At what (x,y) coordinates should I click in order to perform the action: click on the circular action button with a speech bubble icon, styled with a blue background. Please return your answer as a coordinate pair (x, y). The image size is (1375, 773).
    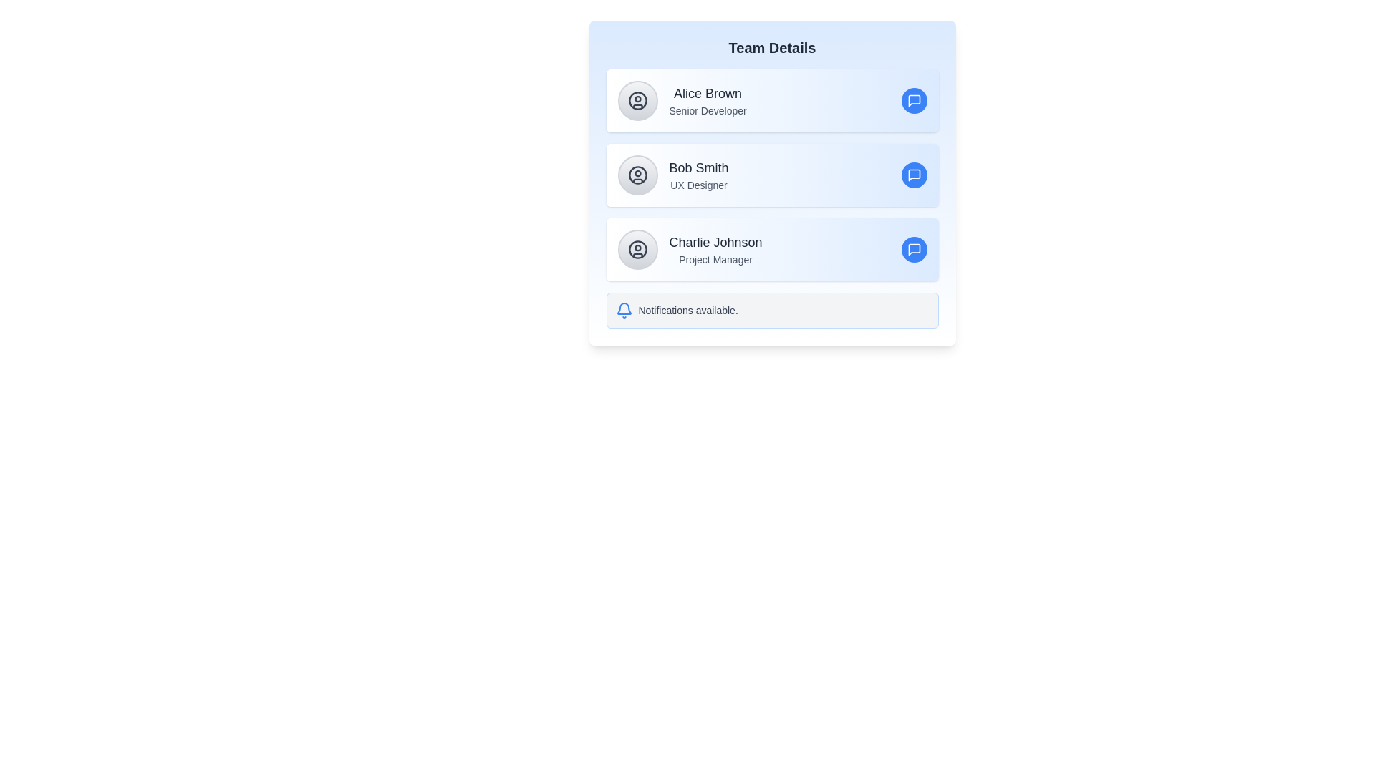
    Looking at the image, I should click on (913, 100).